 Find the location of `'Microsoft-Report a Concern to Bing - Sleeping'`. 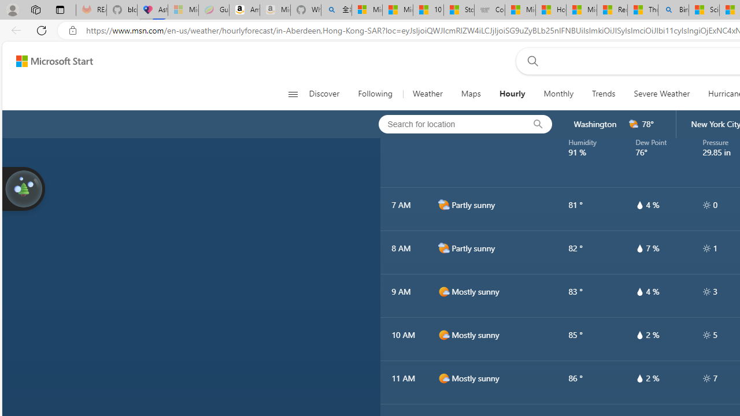

'Microsoft-Report a Concern to Bing - Sleeping' is located at coordinates (182, 10).